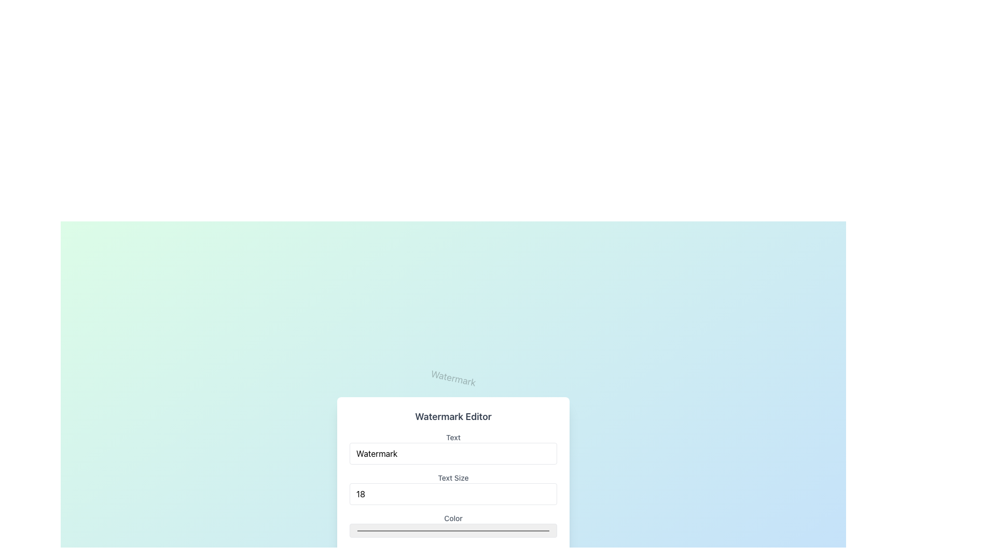  What do you see at coordinates (453, 530) in the screenshot?
I see `the Color input field in the Watermark Editor` at bounding box center [453, 530].